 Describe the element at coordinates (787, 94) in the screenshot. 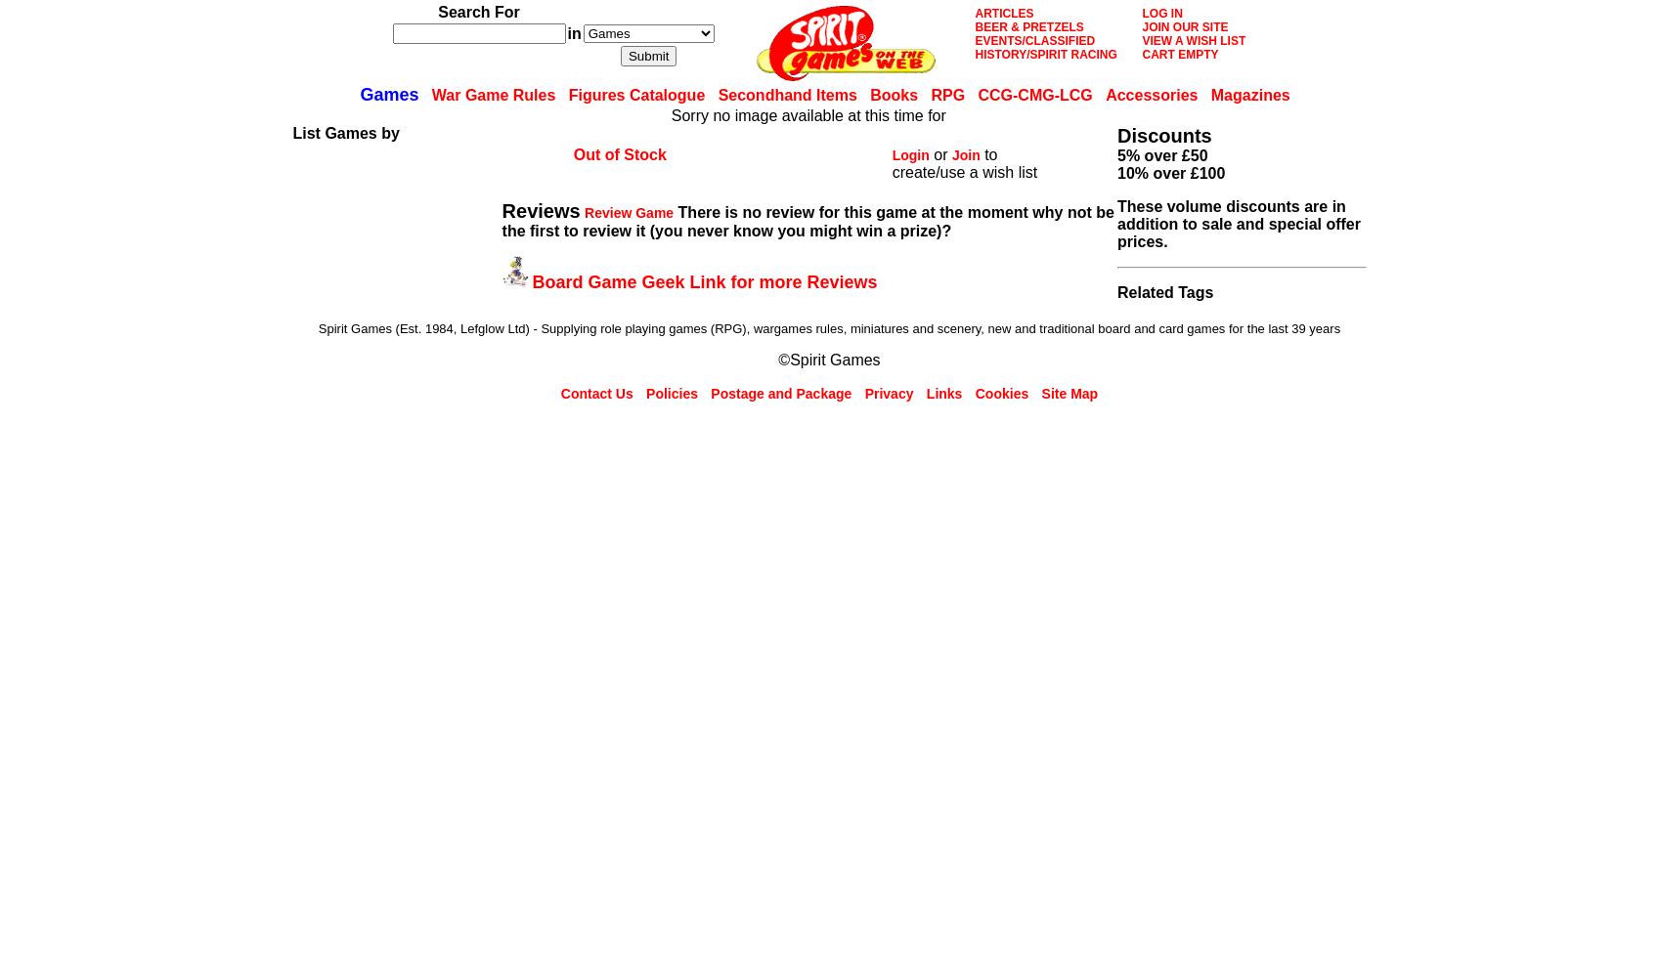

I see `'Secondhand Items'` at that location.